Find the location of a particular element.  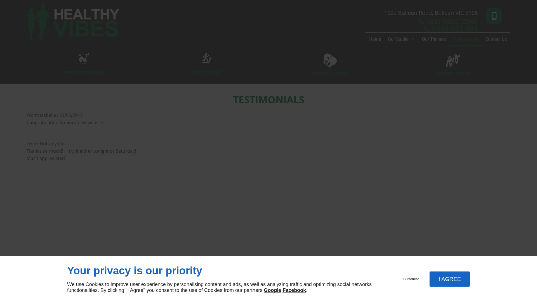

'Our Trainers' is located at coordinates (434, 39).